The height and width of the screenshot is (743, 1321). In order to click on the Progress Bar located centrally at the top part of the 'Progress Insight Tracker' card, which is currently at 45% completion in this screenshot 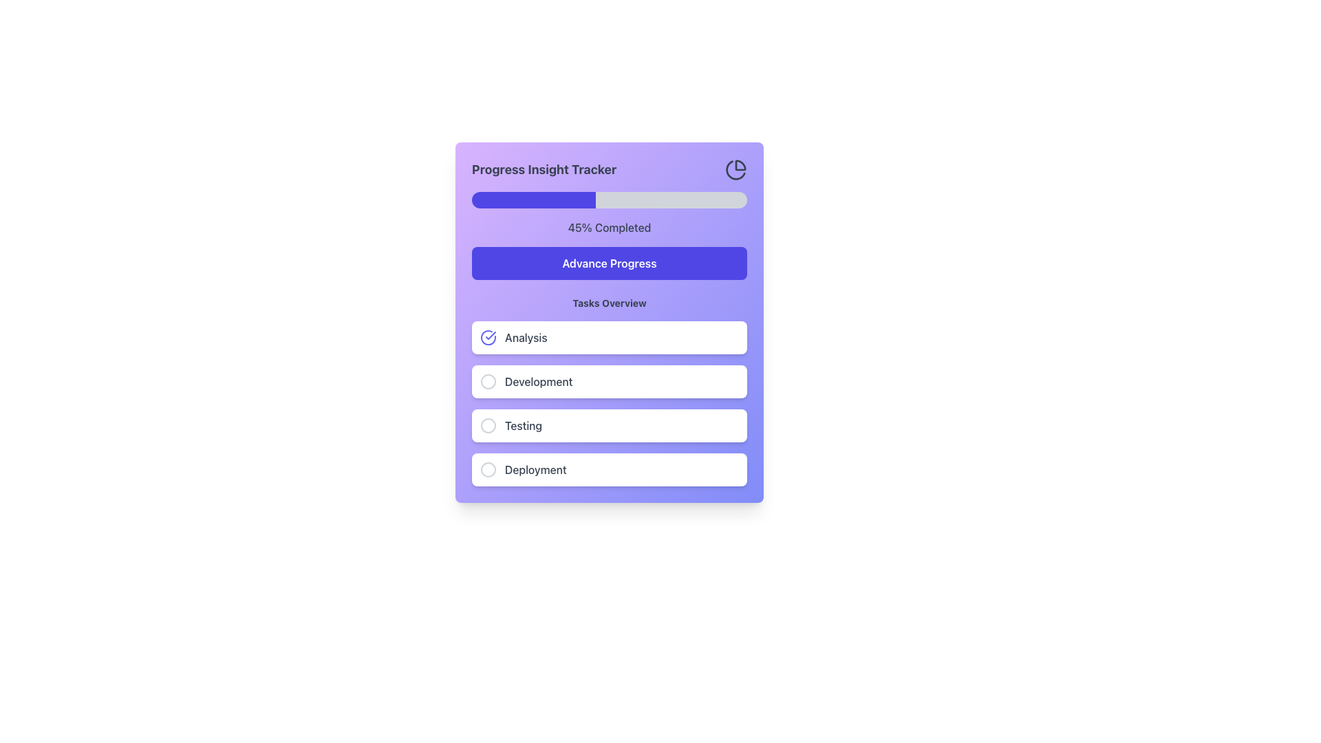, I will do `click(609, 200)`.